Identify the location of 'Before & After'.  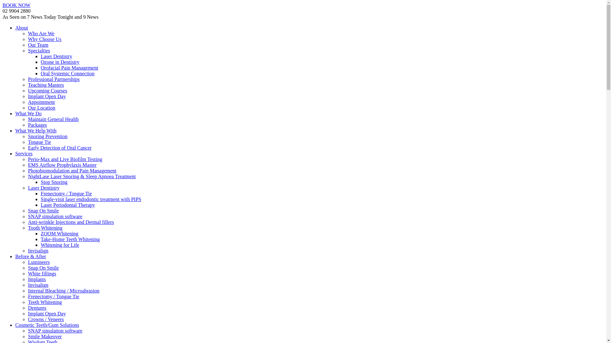
(30, 256).